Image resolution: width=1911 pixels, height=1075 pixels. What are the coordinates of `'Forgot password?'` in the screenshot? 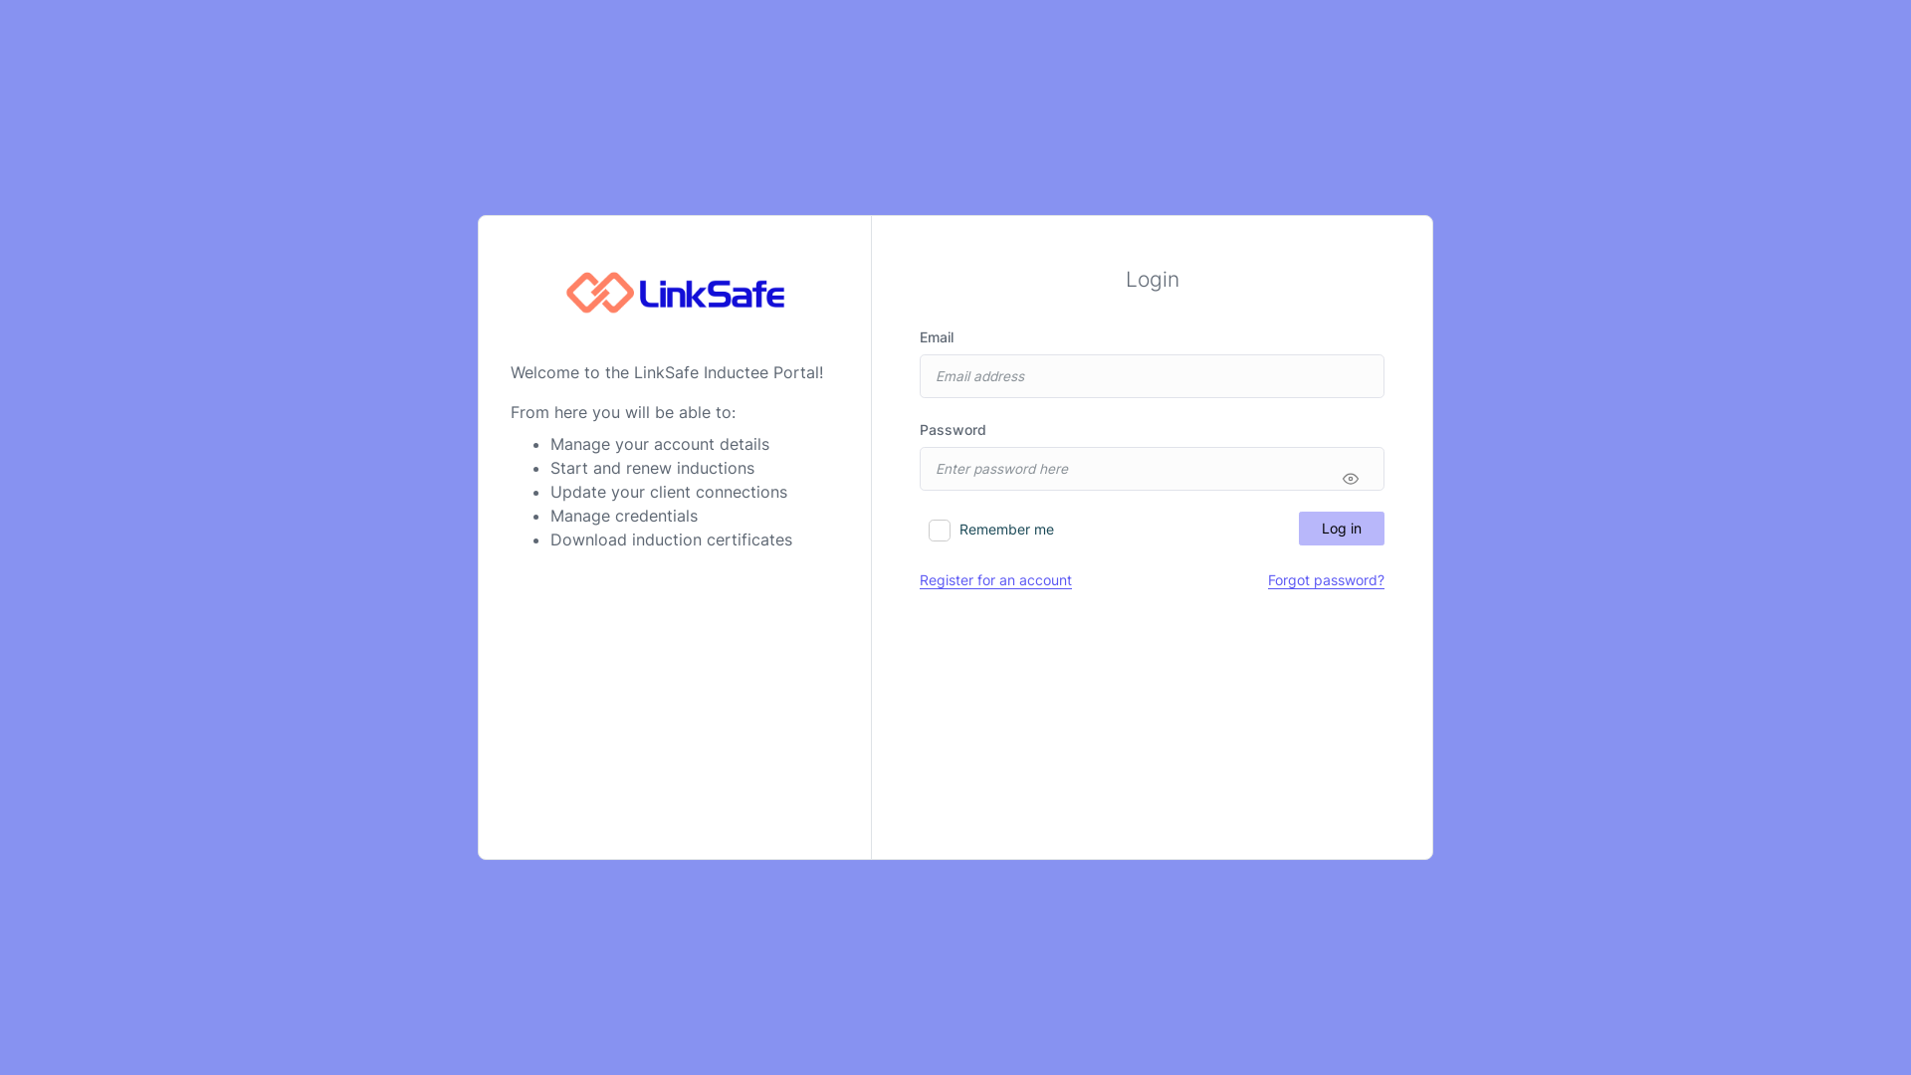 It's located at (1326, 579).